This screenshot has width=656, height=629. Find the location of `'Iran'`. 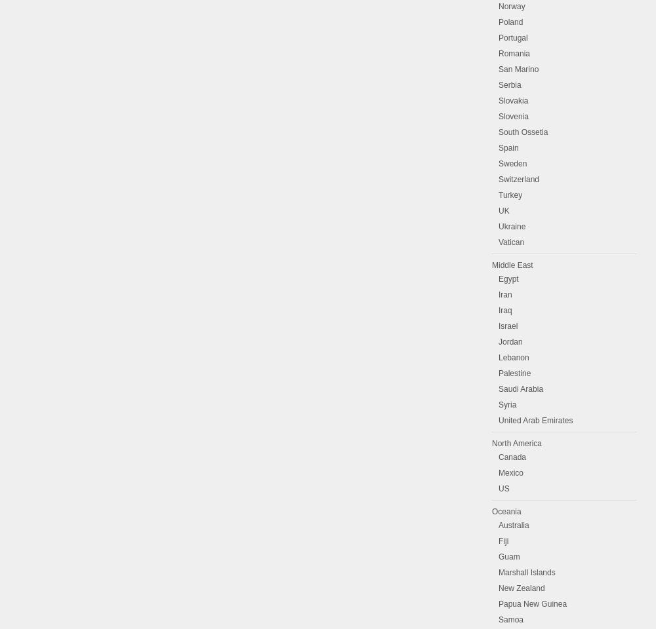

'Iran' is located at coordinates (505, 295).